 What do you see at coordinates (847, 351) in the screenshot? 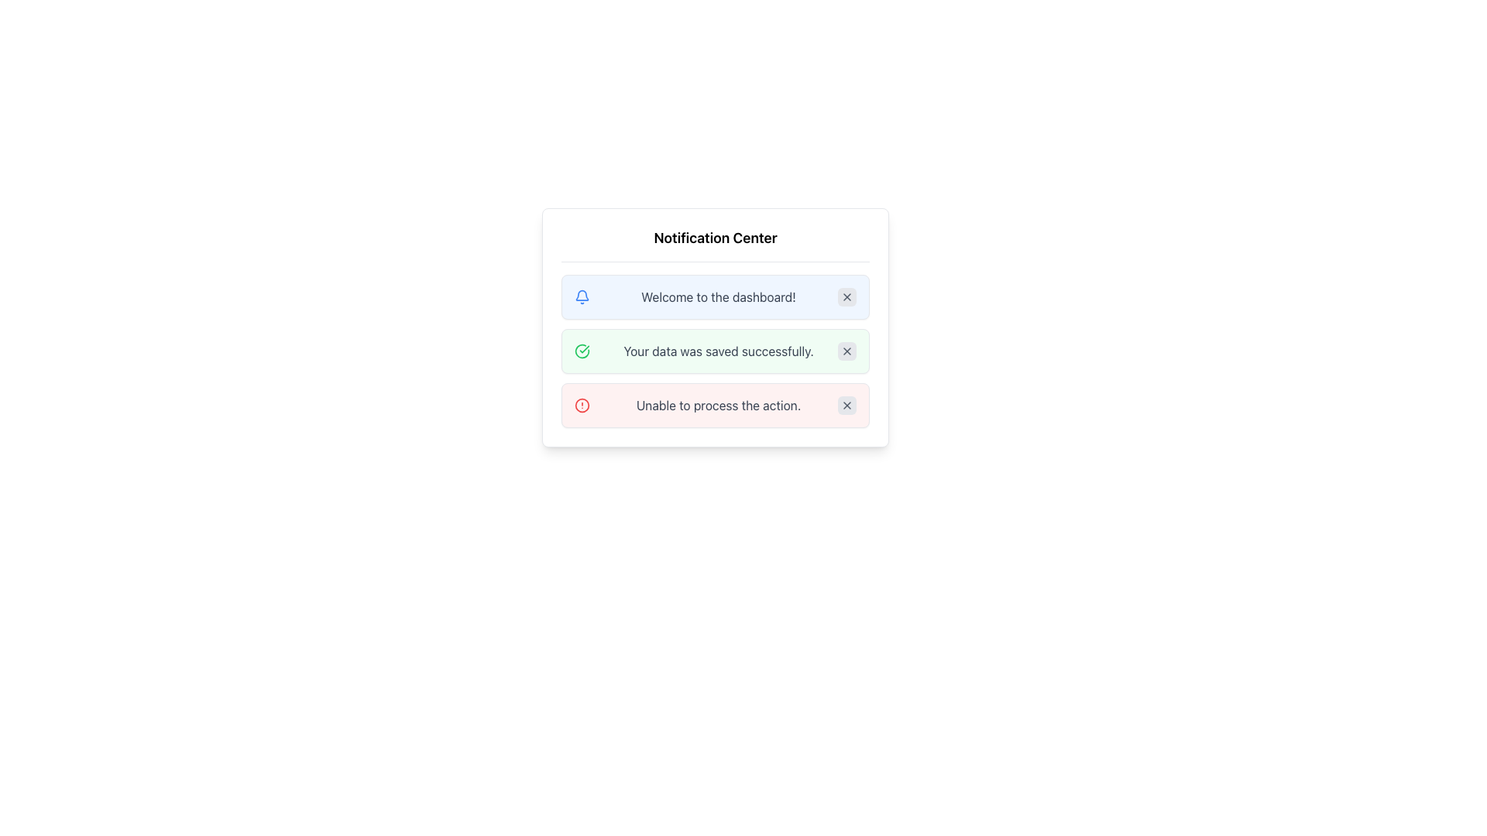
I see `the dismiss button located within the notification card` at bounding box center [847, 351].